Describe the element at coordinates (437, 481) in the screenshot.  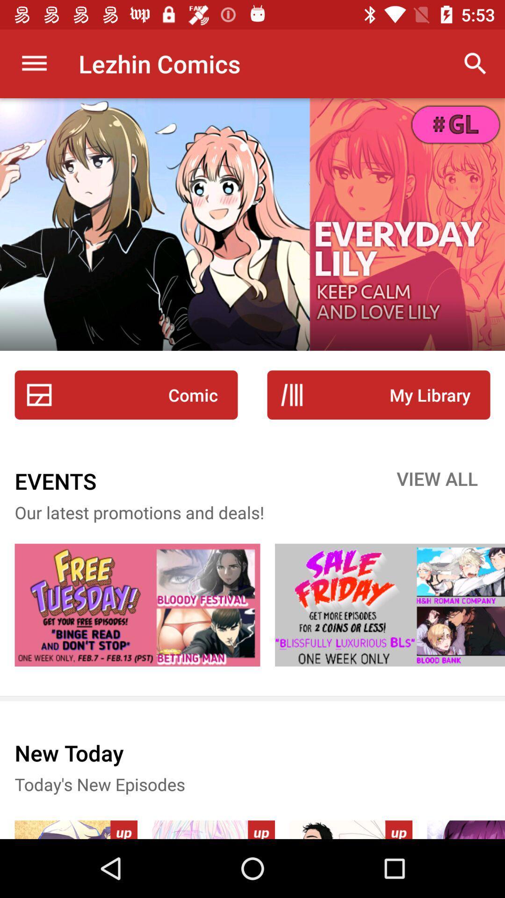
I see `icon to the right of the events` at that location.